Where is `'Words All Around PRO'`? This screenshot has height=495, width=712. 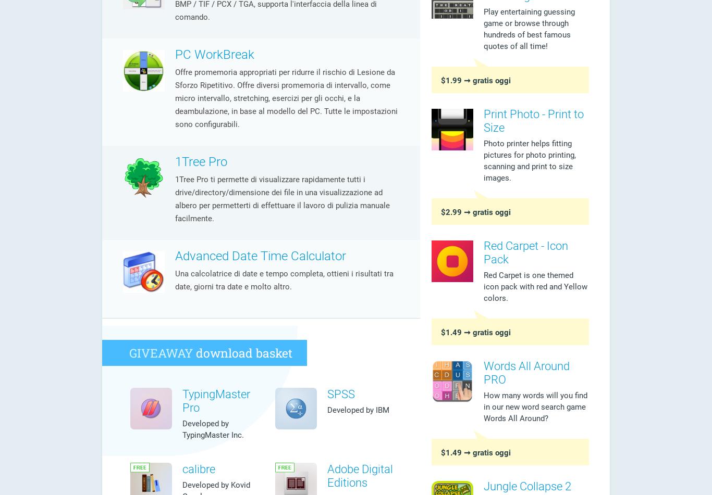
'Words All Around PRO' is located at coordinates (526, 372).